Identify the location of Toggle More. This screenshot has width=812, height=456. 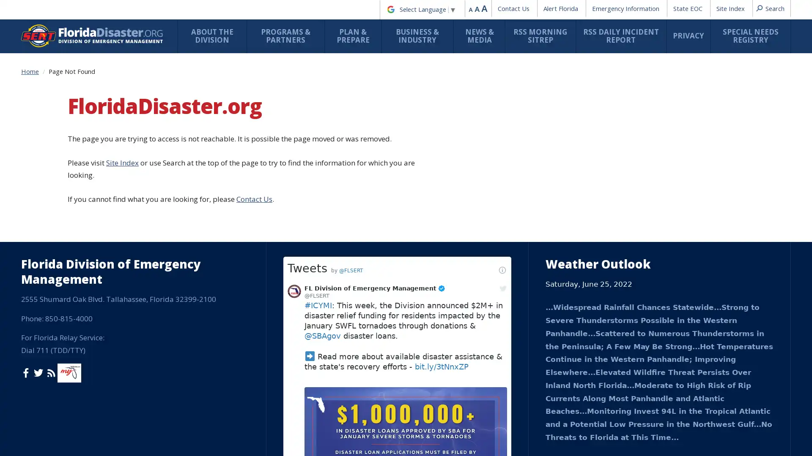
(254, 98).